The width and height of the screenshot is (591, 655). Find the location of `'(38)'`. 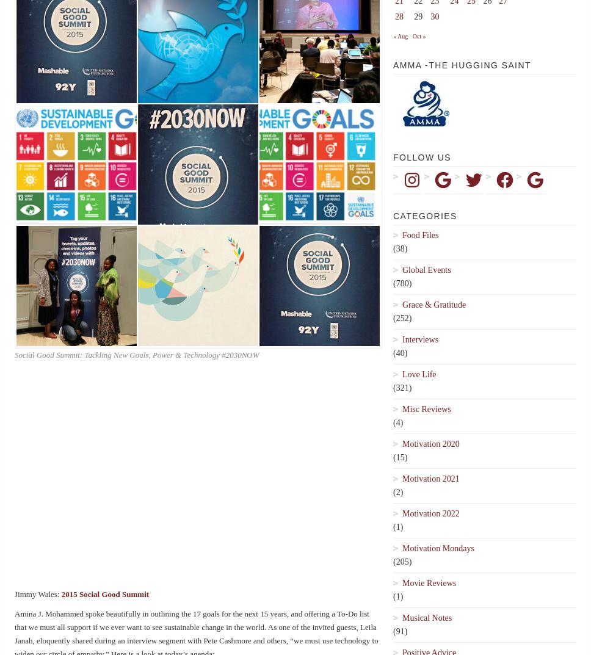

'(38)' is located at coordinates (400, 248).